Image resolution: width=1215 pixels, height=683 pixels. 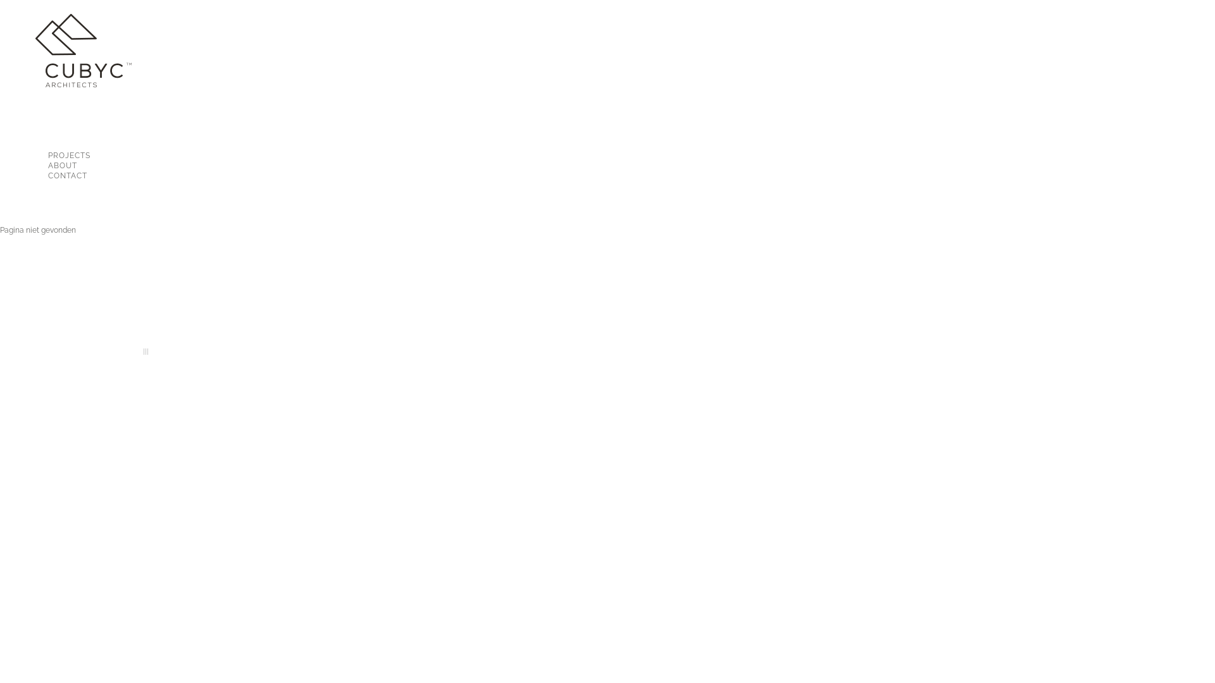 I want to click on 'ABOUT', so click(x=9, y=165).